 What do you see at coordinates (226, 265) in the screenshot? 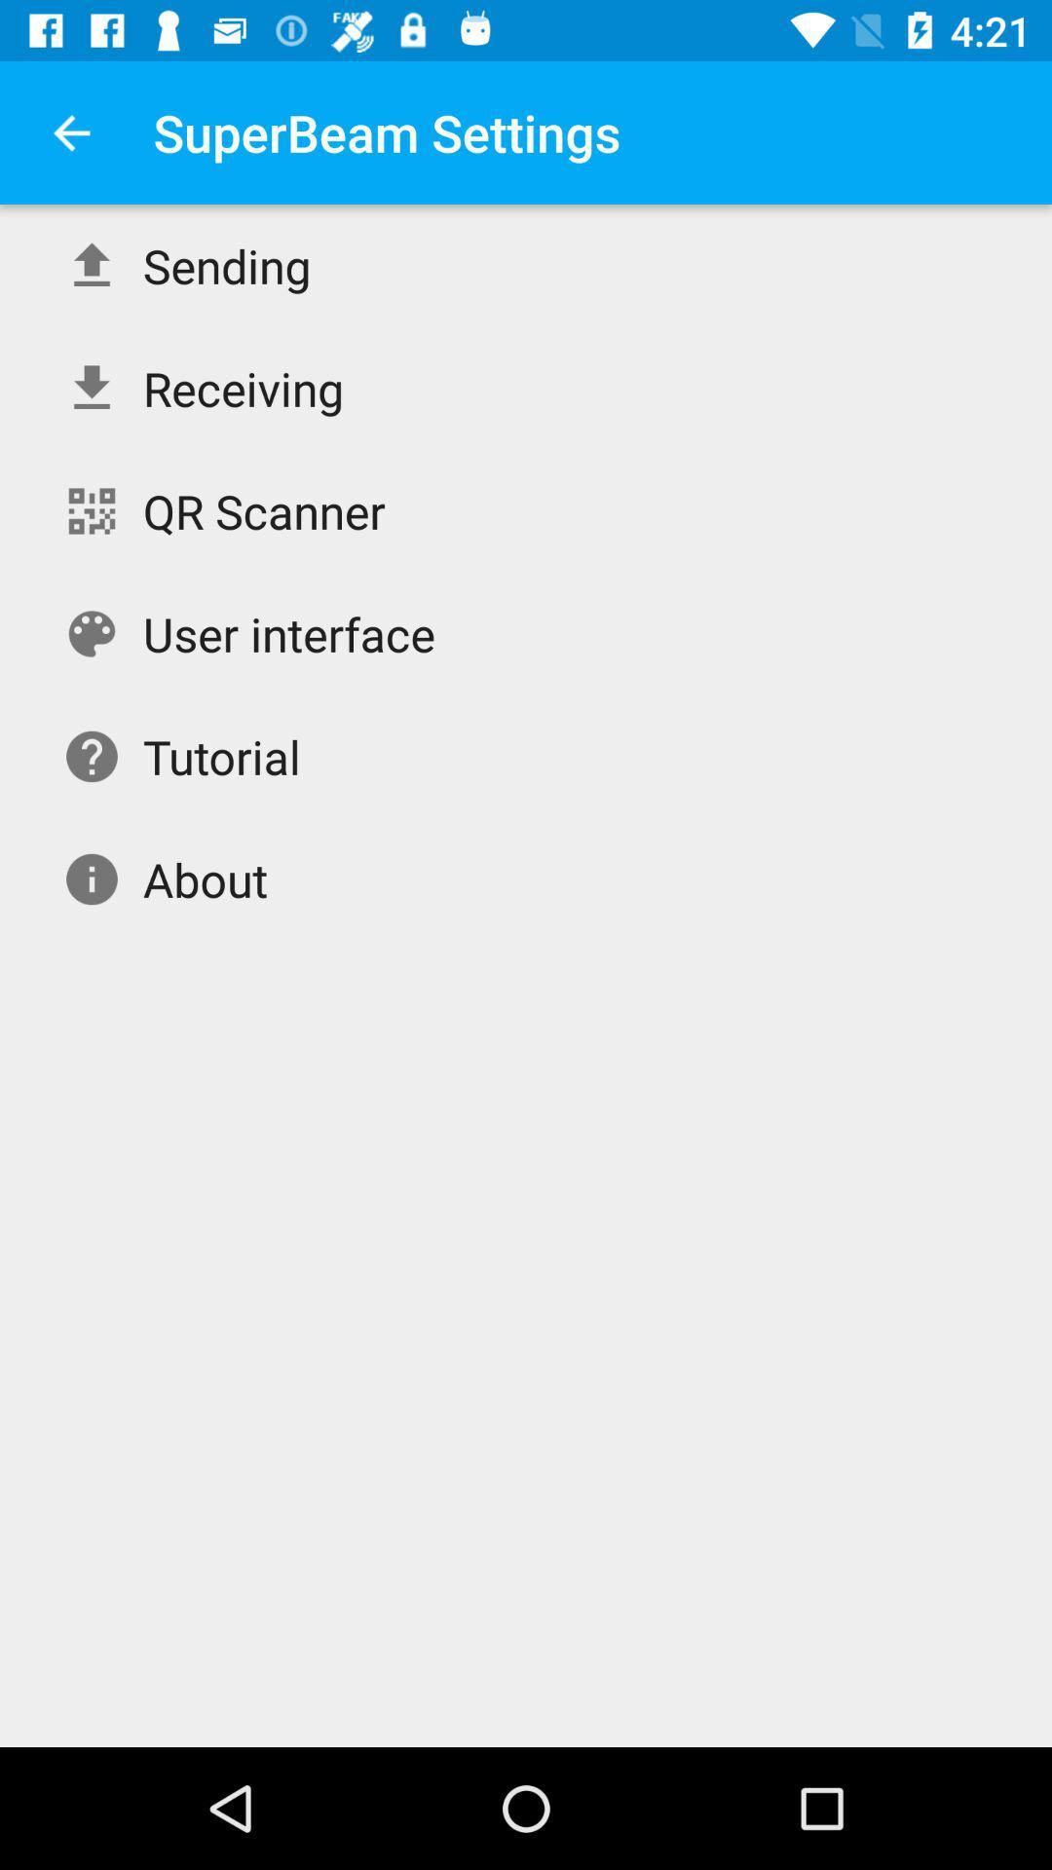
I see `the sending` at bounding box center [226, 265].